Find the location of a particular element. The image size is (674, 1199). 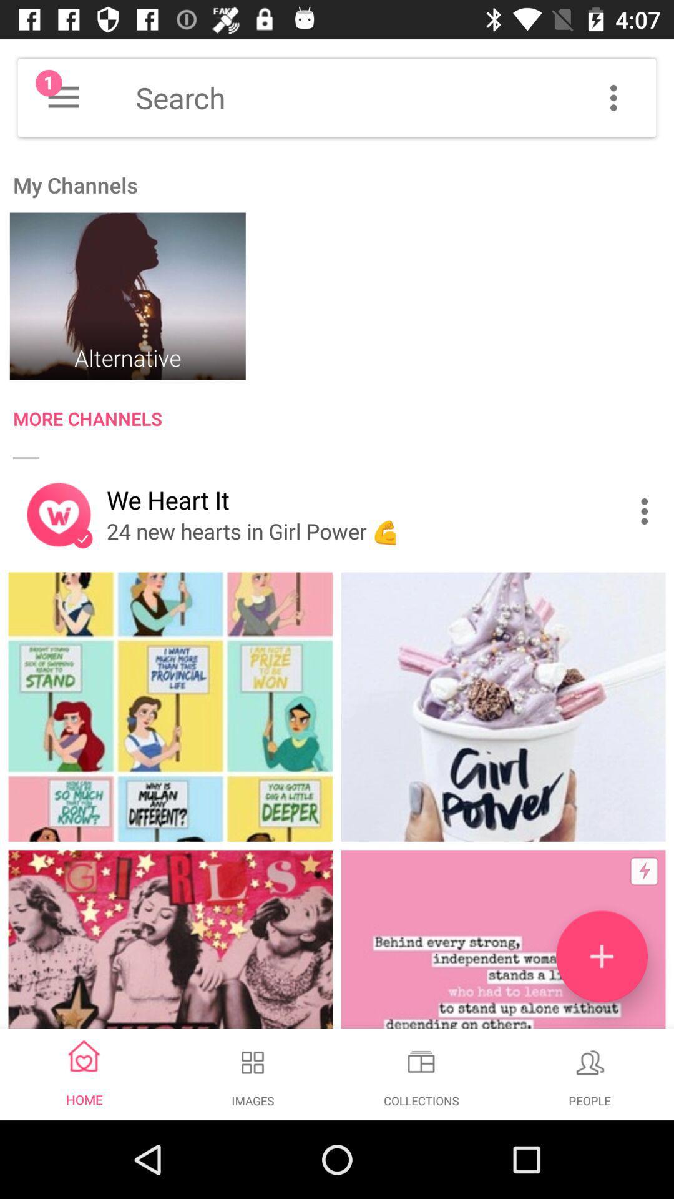

main menu is located at coordinates (63, 97).